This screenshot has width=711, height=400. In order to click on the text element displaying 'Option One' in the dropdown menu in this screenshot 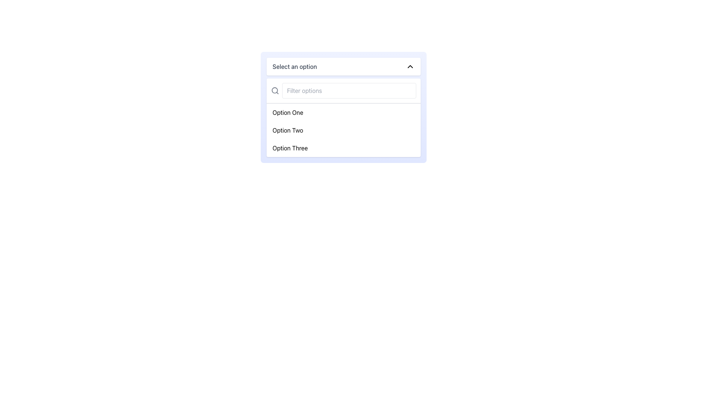, I will do `click(287, 113)`.